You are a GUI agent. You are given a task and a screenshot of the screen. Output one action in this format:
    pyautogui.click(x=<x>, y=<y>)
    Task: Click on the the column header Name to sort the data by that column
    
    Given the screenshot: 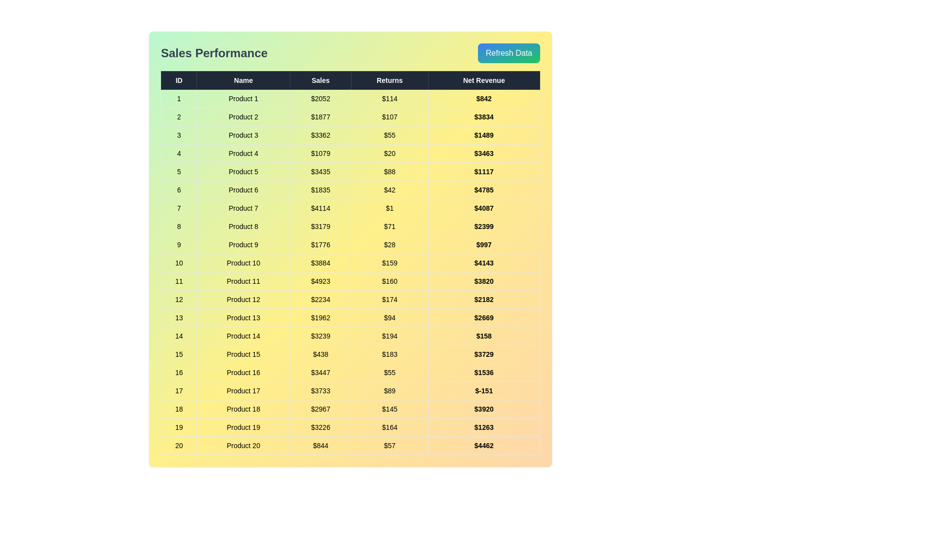 What is the action you would take?
    pyautogui.click(x=243, y=79)
    